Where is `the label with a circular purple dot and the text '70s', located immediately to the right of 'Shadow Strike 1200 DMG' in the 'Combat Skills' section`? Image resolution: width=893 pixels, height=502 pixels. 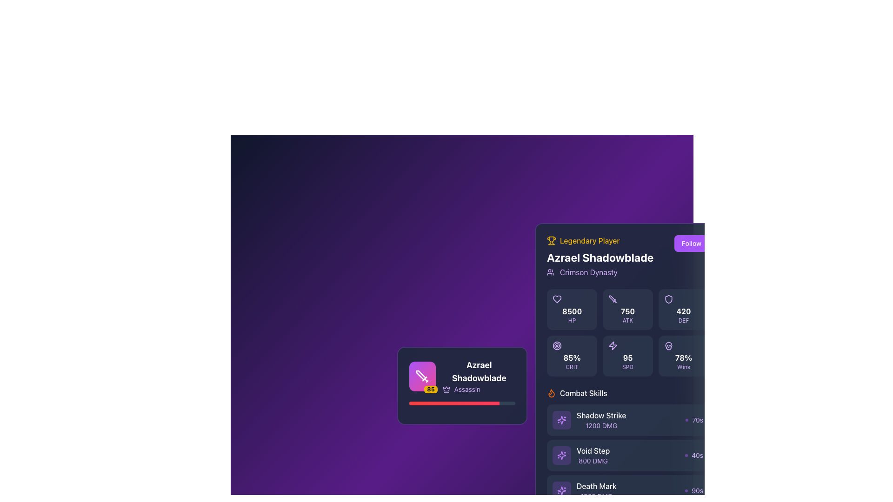
the label with a circular purple dot and the text '70s', located immediately to the right of 'Shadow Strike 1200 DMG' in the 'Combat Skills' section is located at coordinates (694, 420).